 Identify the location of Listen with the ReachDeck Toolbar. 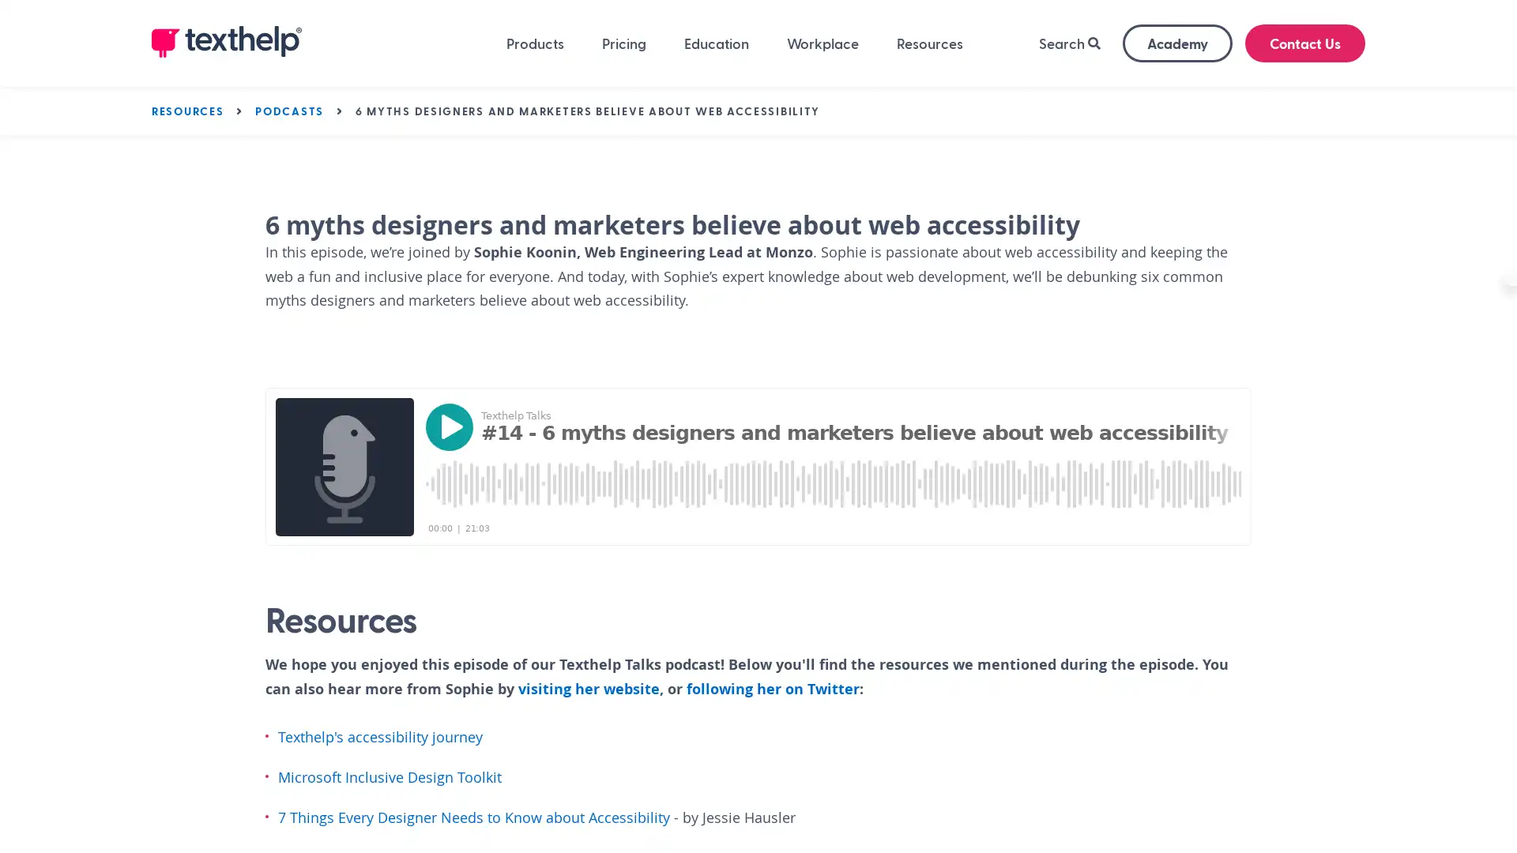
(1453, 296).